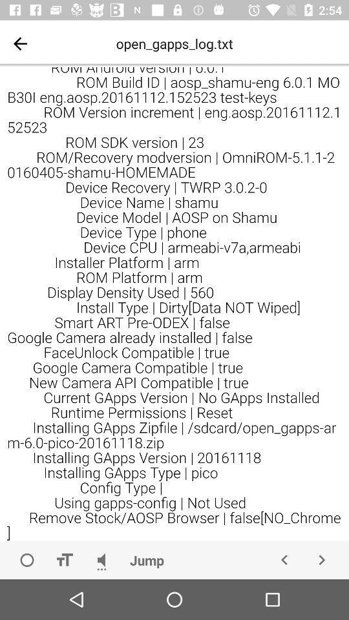  Describe the element at coordinates (321, 559) in the screenshot. I see `next page` at that location.